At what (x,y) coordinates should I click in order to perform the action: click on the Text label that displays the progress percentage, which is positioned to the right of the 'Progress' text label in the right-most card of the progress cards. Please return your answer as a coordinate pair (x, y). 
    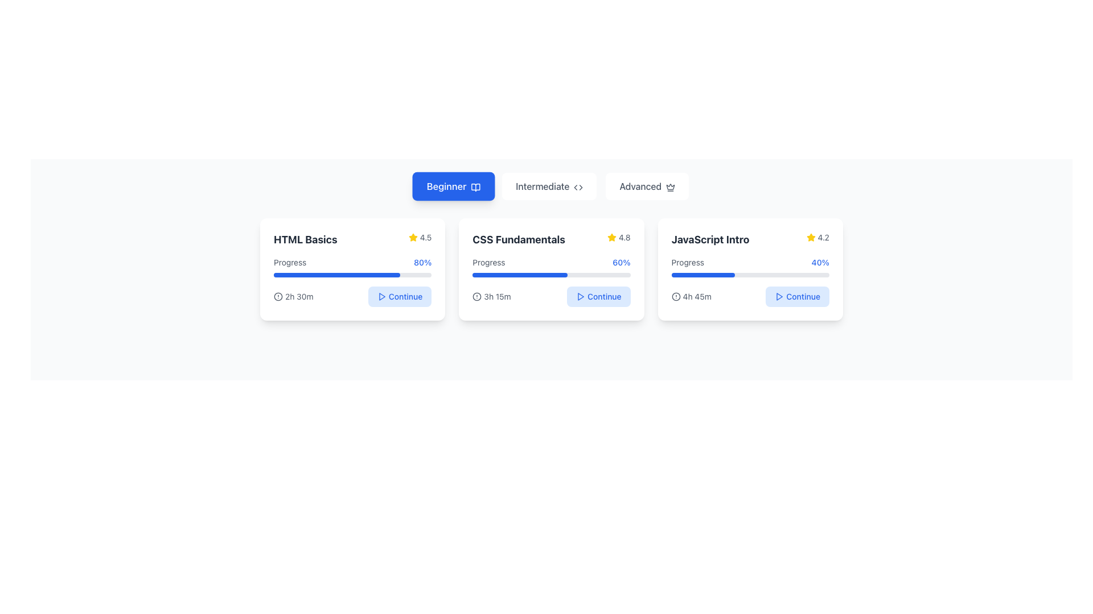
    Looking at the image, I should click on (820, 263).